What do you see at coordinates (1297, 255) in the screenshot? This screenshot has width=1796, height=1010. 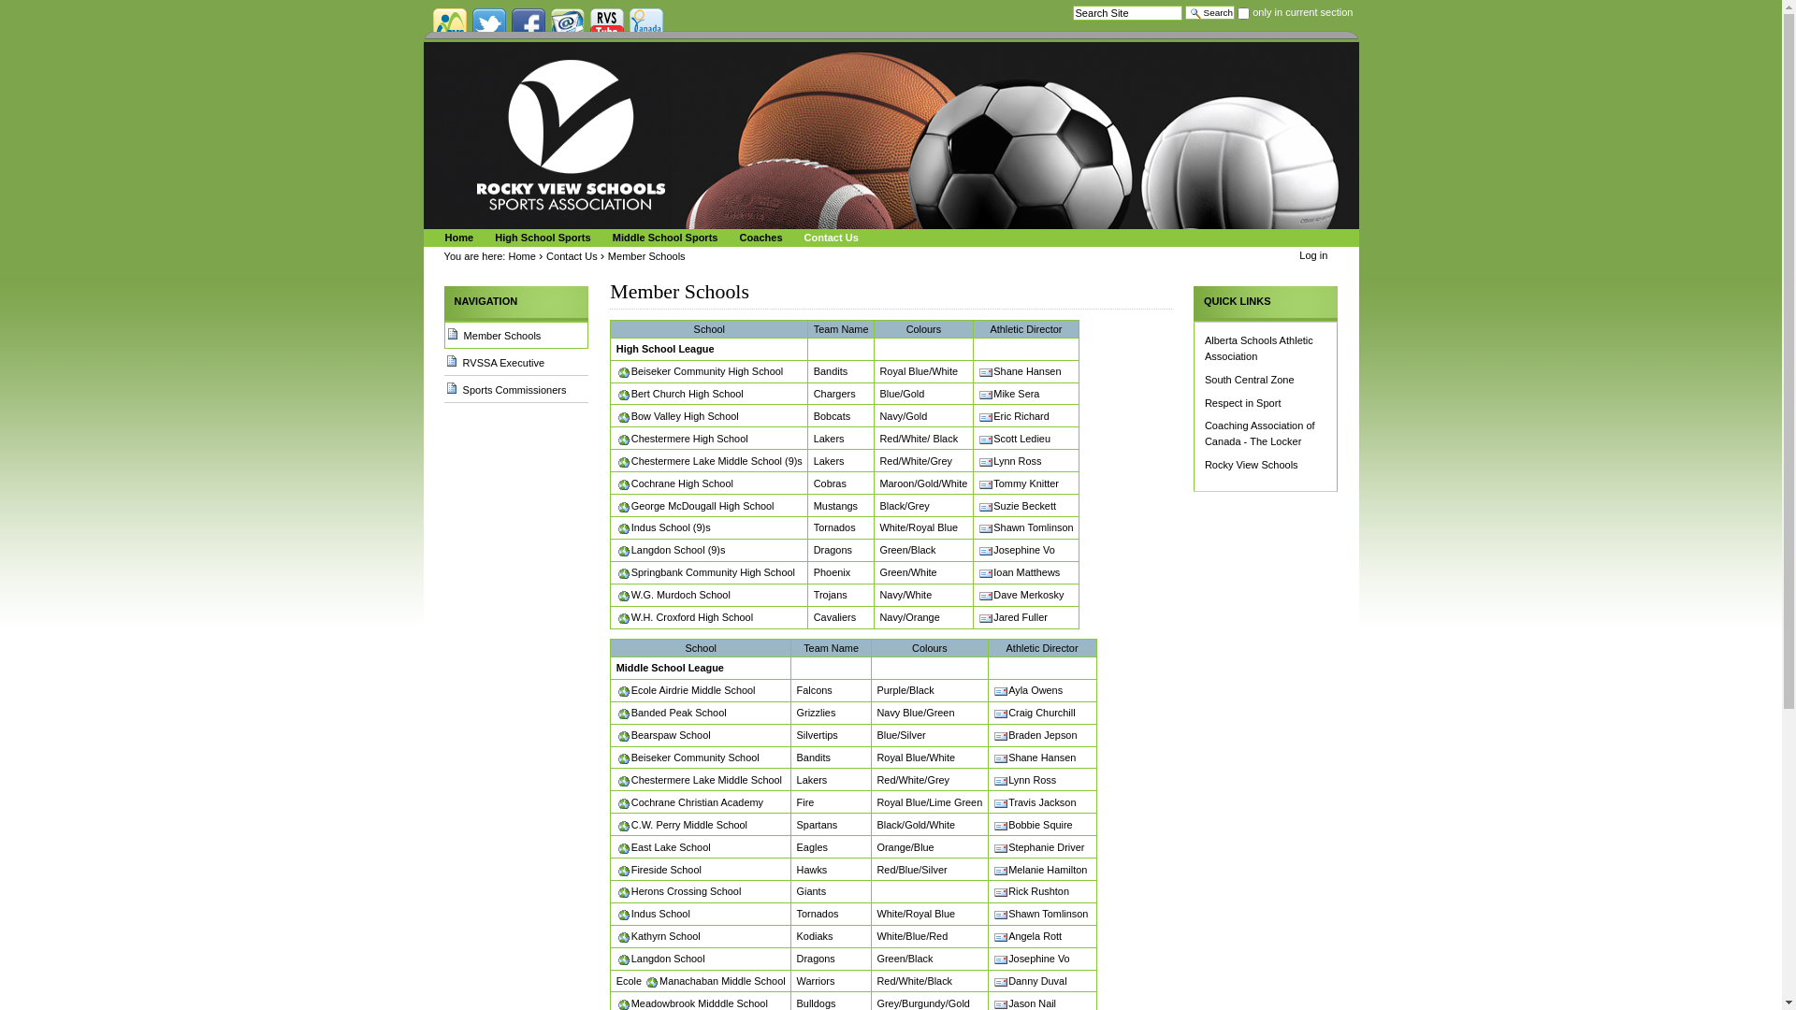 I see `'Log in'` at bounding box center [1297, 255].